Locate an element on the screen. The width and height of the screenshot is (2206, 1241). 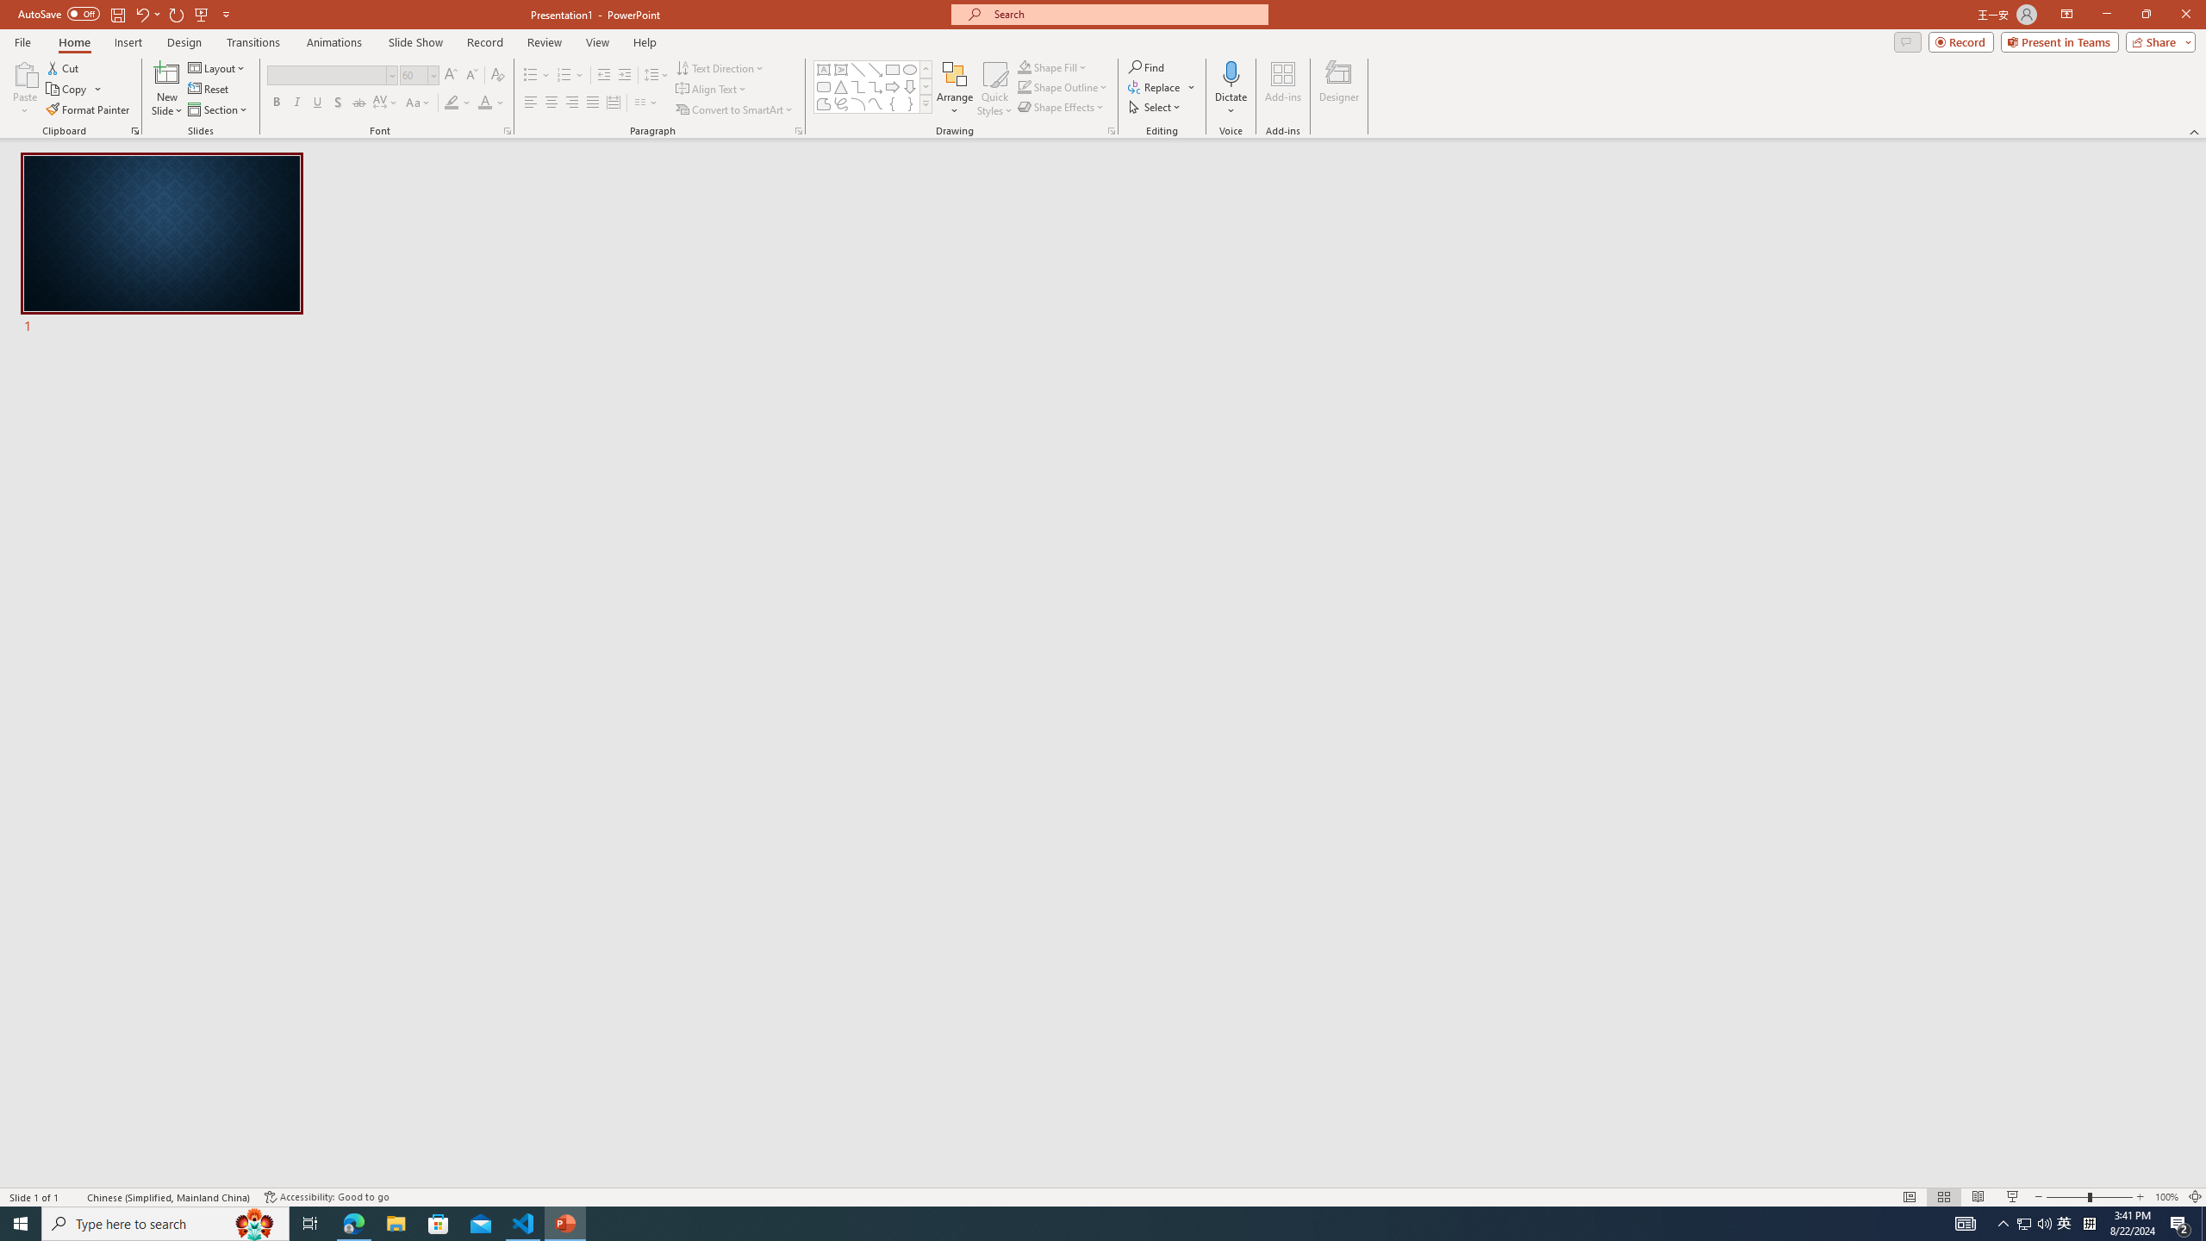
'Shape Fill Orange, Accent 2' is located at coordinates (1025, 66).